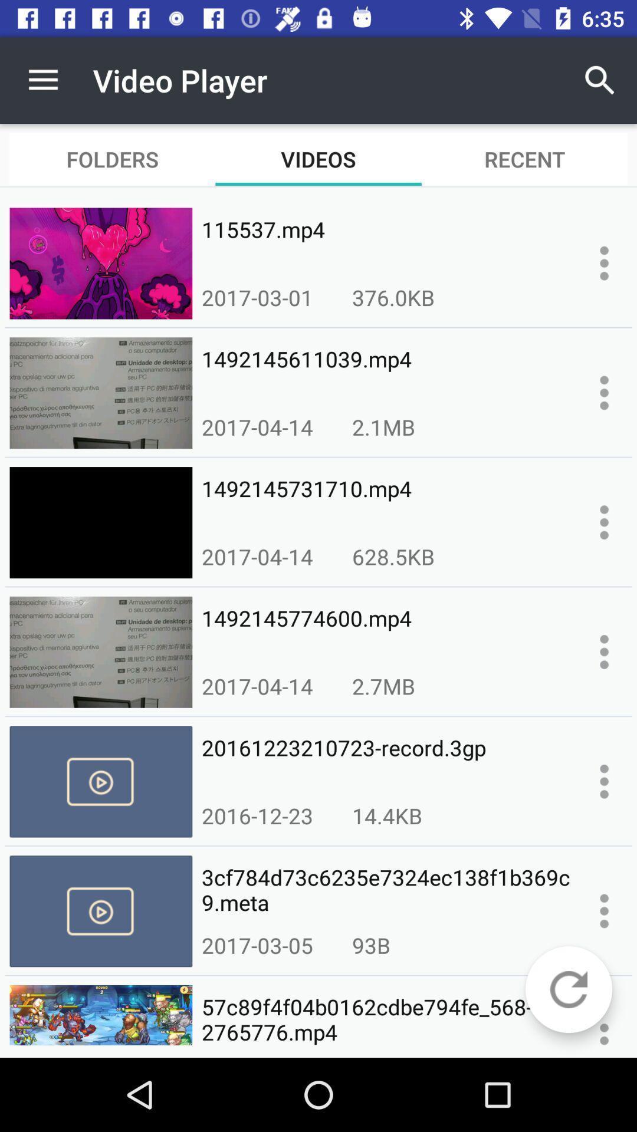  Describe the element at coordinates (393, 556) in the screenshot. I see `icon next to 2017-04-14 item` at that location.